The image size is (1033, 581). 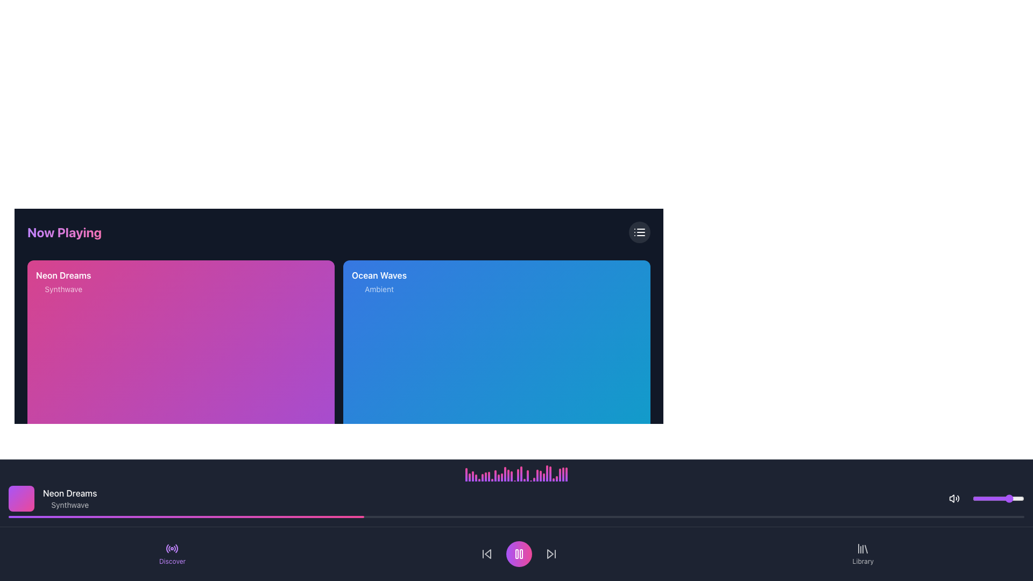 What do you see at coordinates (952, 498) in the screenshot?
I see `the speaker icon located in the bottom-right corner of the interface within the control toolbar for volume management` at bounding box center [952, 498].